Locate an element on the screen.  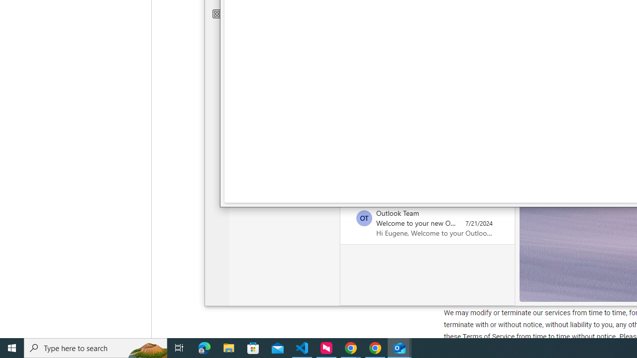
'Visual Studio Code - 1 running window' is located at coordinates (302, 347).